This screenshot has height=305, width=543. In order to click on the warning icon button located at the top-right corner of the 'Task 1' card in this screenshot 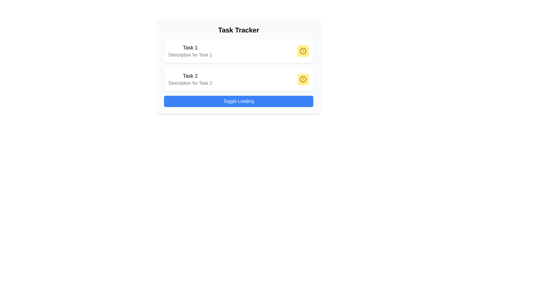, I will do `click(303, 51)`.